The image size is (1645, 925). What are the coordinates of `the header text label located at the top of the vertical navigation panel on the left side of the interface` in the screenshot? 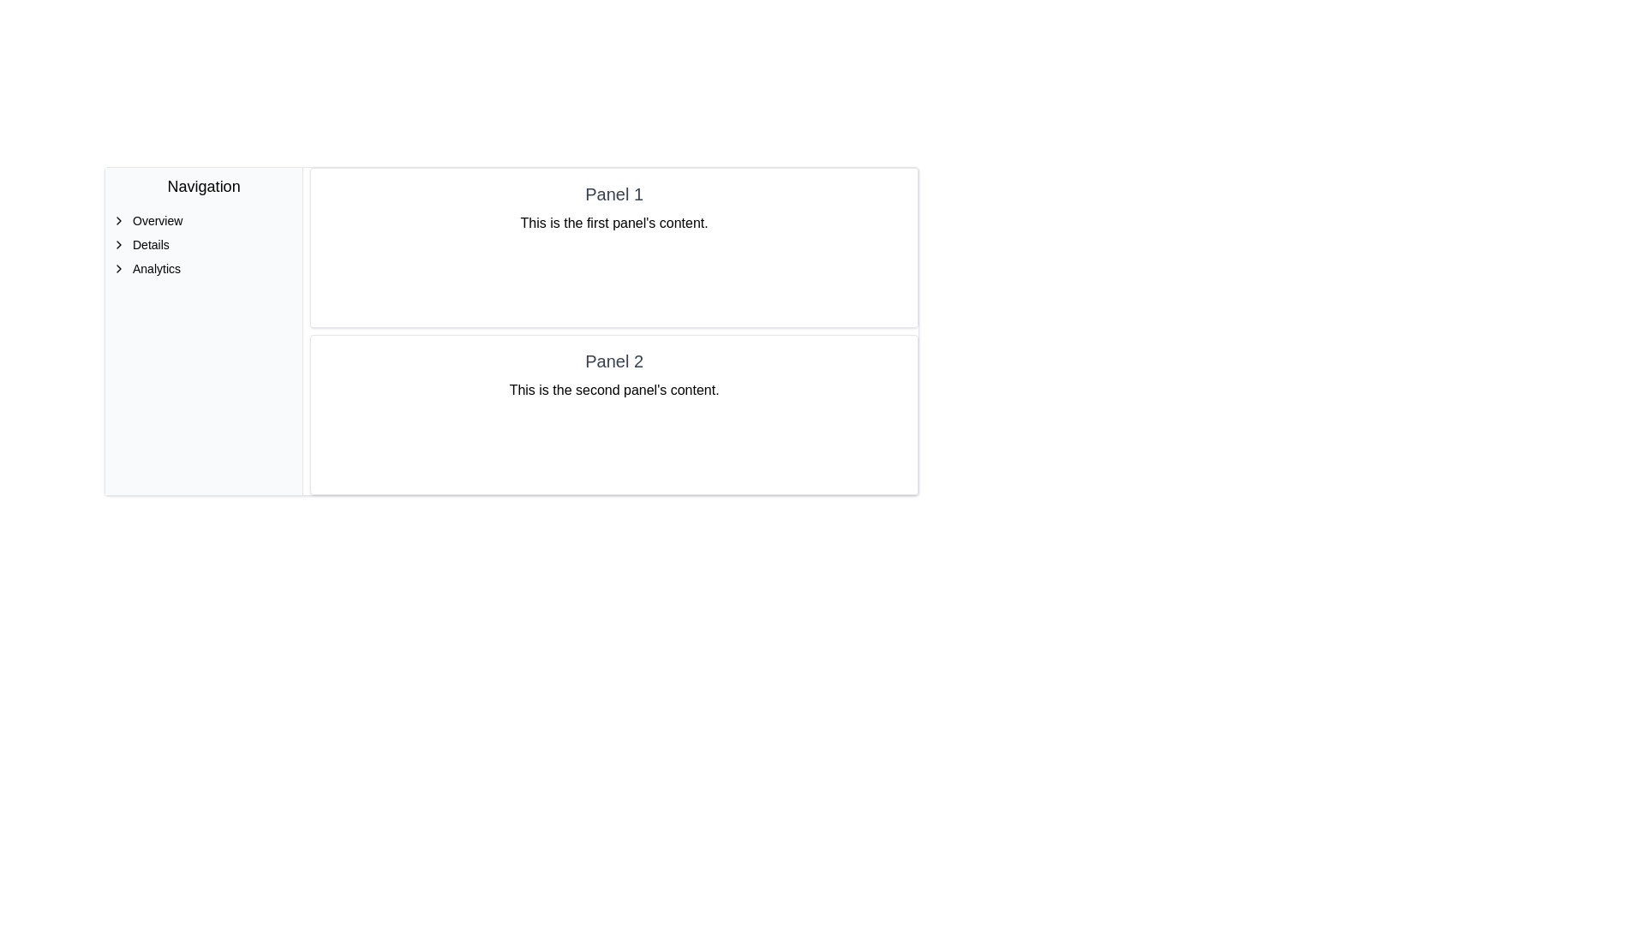 It's located at (204, 187).